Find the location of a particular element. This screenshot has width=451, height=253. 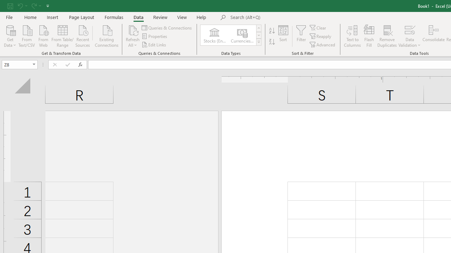

'Clear' is located at coordinates (318, 27).